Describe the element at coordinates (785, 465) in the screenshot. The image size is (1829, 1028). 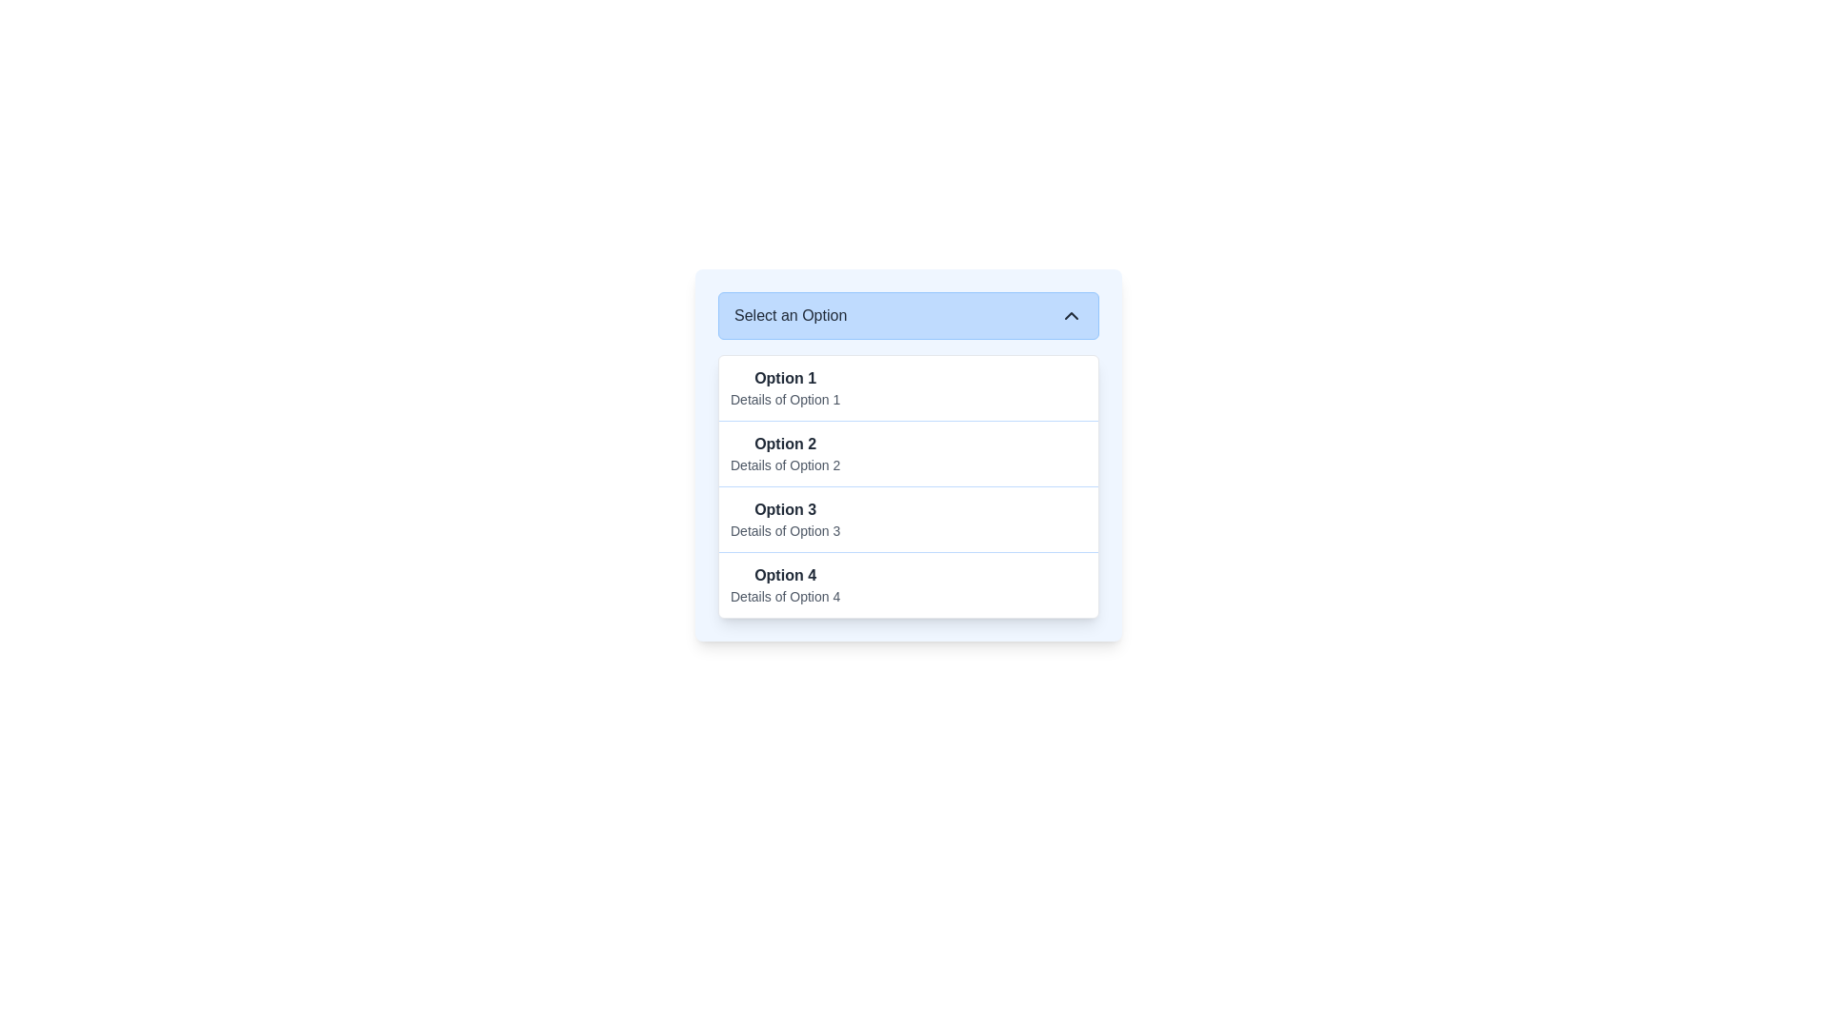
I see `the Text label providing additional descriptive information for the 'Option 2' choice in the dropdown menu, located beneath the row title 'Option 2'` at that location.